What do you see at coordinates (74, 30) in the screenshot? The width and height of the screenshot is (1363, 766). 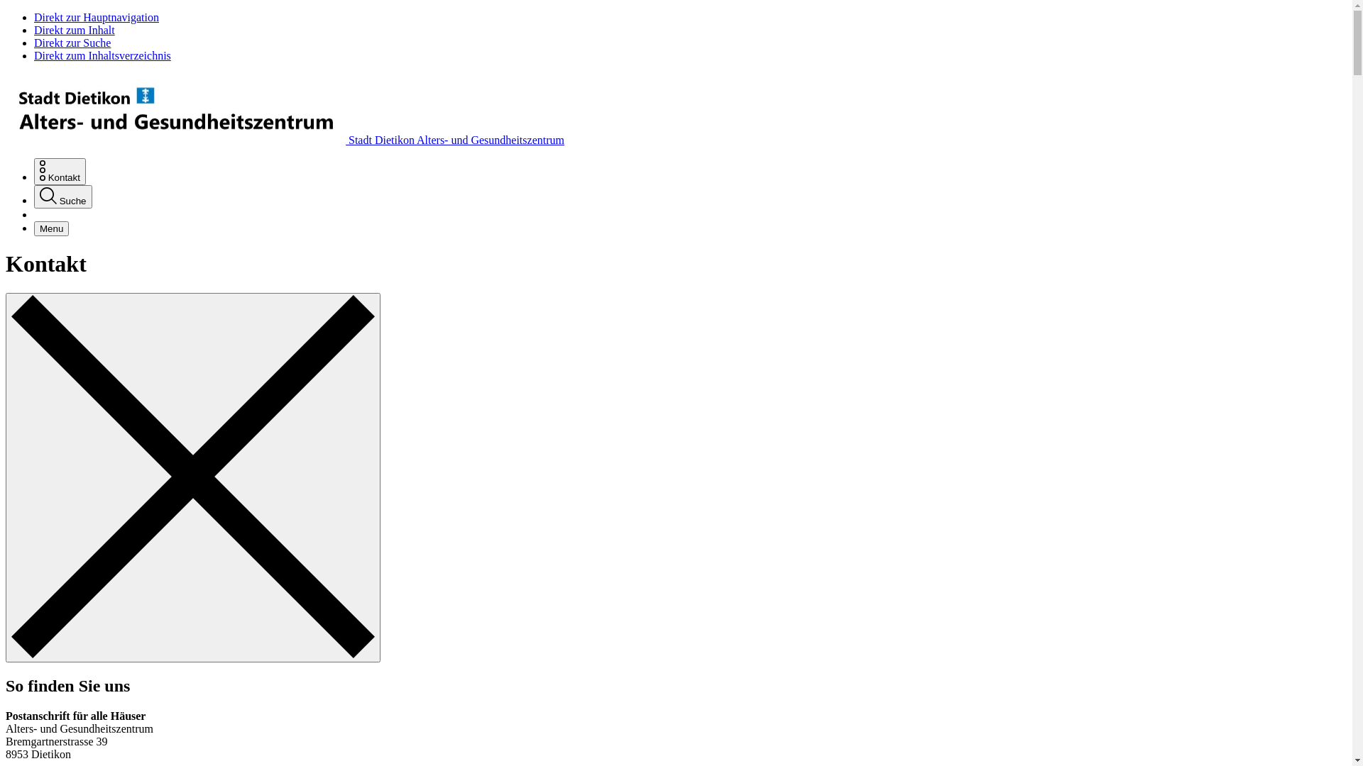 I see `'Direkt zum Inhalt'` at bounding box center [74, 30].